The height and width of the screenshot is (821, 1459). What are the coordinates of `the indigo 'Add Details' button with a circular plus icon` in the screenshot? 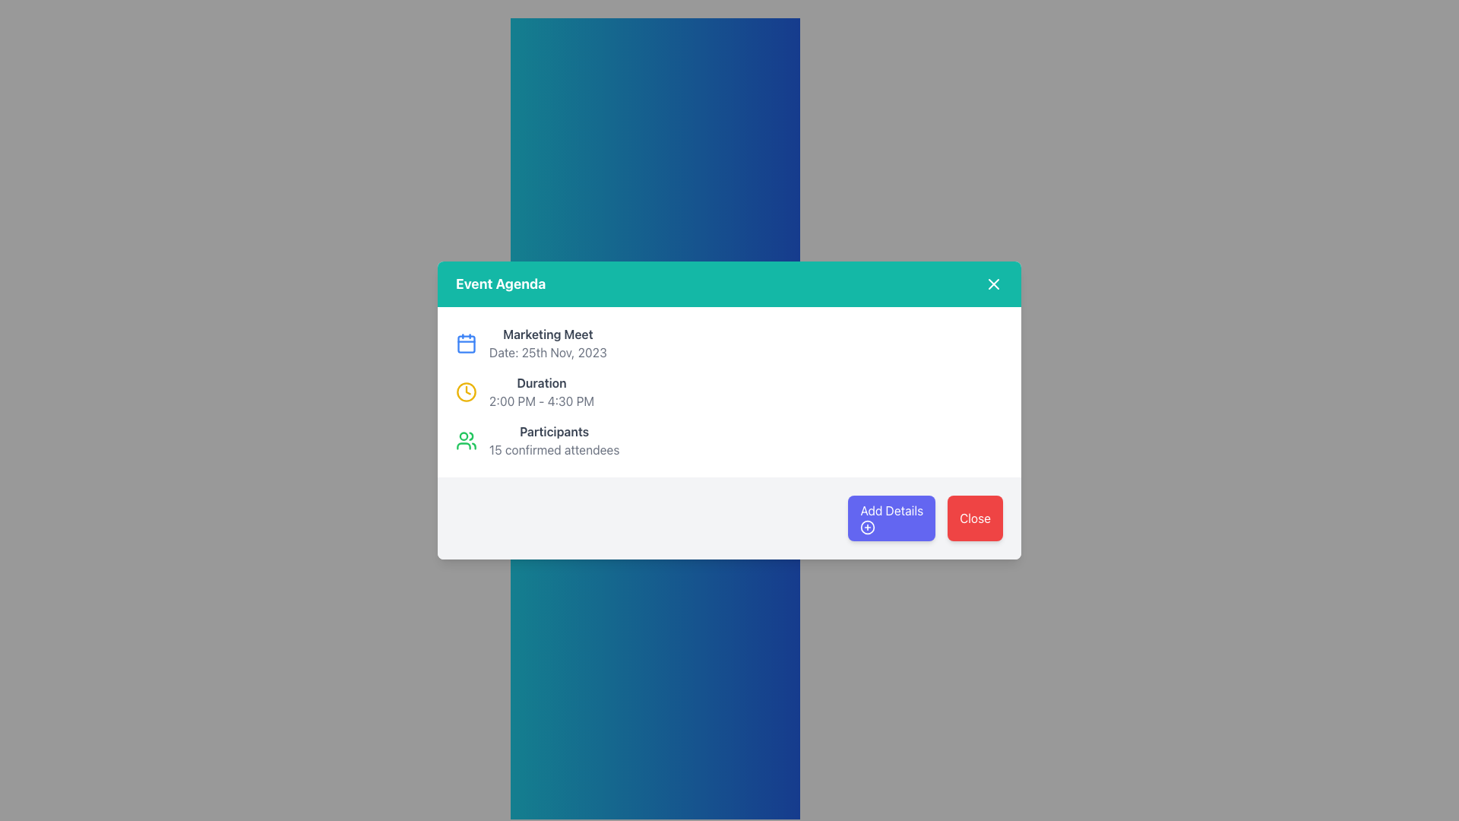 It's located at (891, 518).